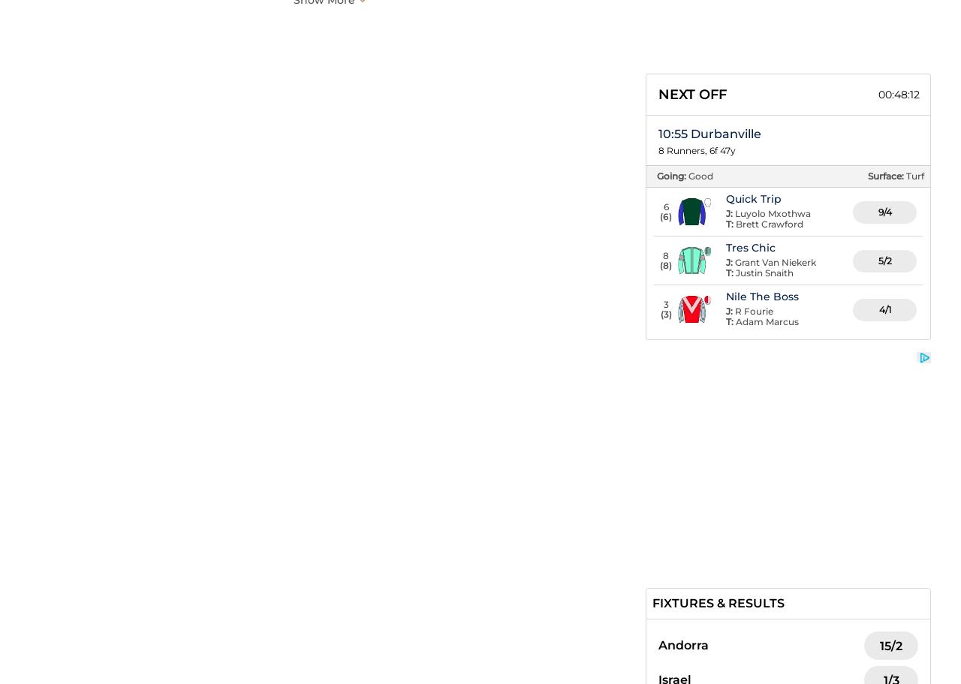 Image resolution: width=961 pixels, height=684 pixels. Describe the element at coordinates (754, 310) in the screenshot. I see `'R Fourie'` at that location.